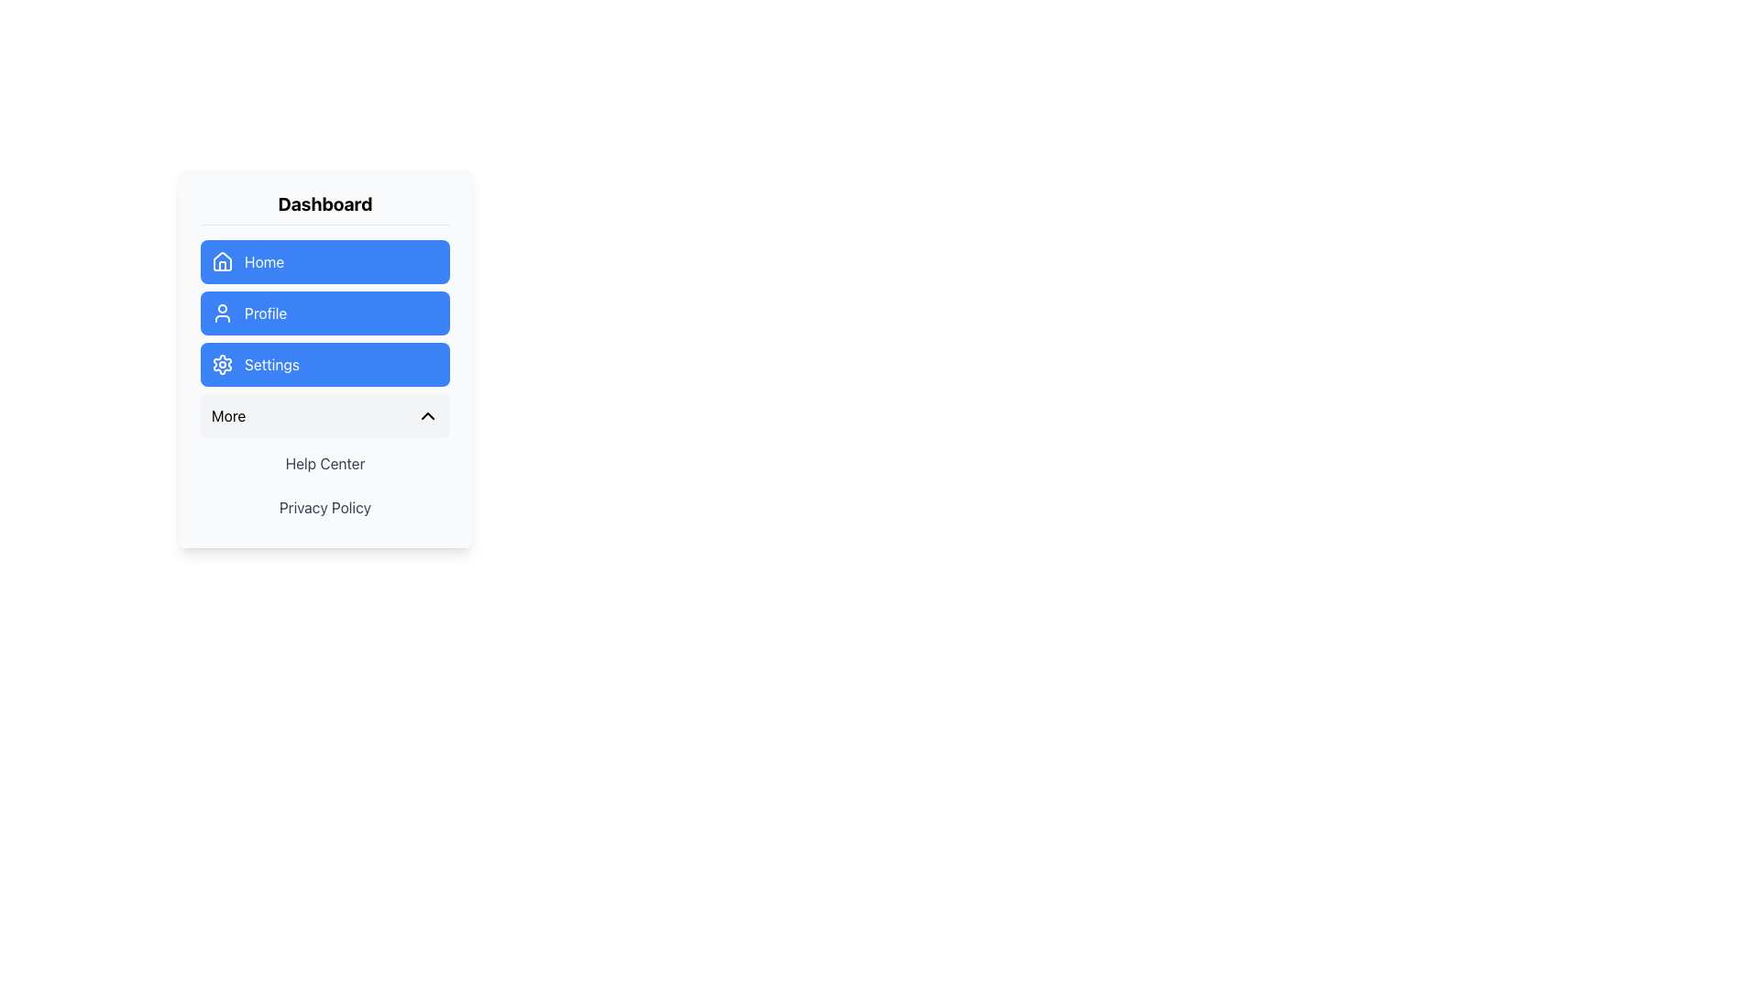  I want to click on the 'More' expandable button, which is a rectangular button with rounded corners, located below the 'Settings' button and above the 'Help Center' and 'Privacy Policy' links, so click(325, 416).